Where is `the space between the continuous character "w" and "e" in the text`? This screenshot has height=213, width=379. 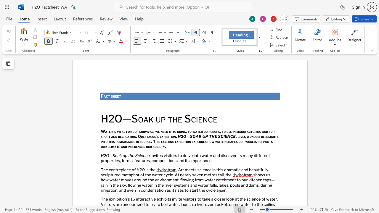
the space between the continuous character "w" and "e" in the text is located at coordinates (158, 131).